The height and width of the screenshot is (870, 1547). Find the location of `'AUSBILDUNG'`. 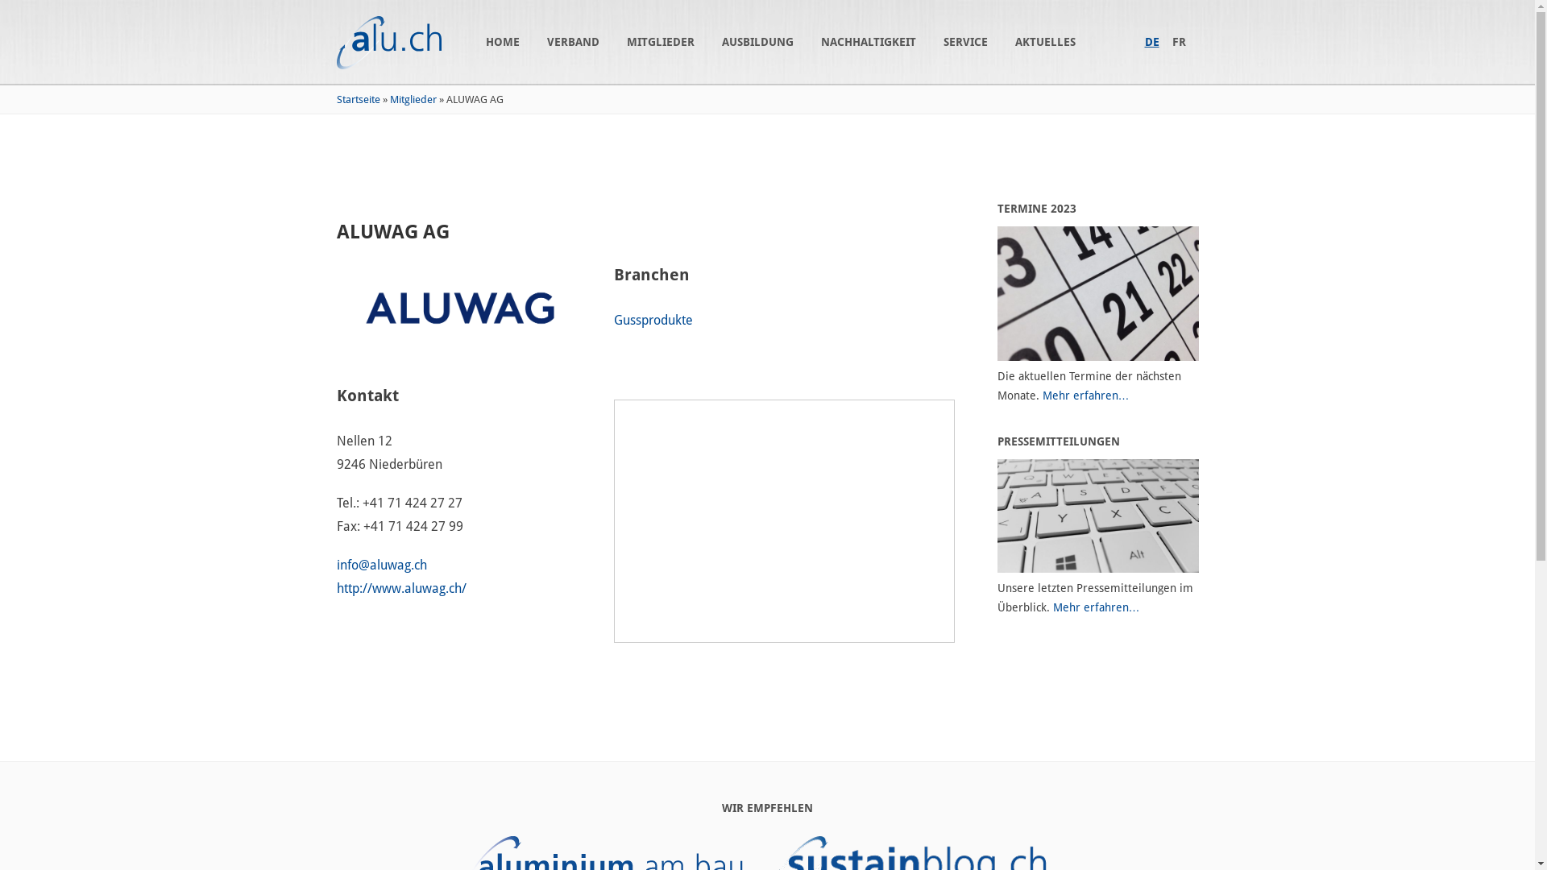

'AUSBILDUNG' is located at coordinates (721, 40).